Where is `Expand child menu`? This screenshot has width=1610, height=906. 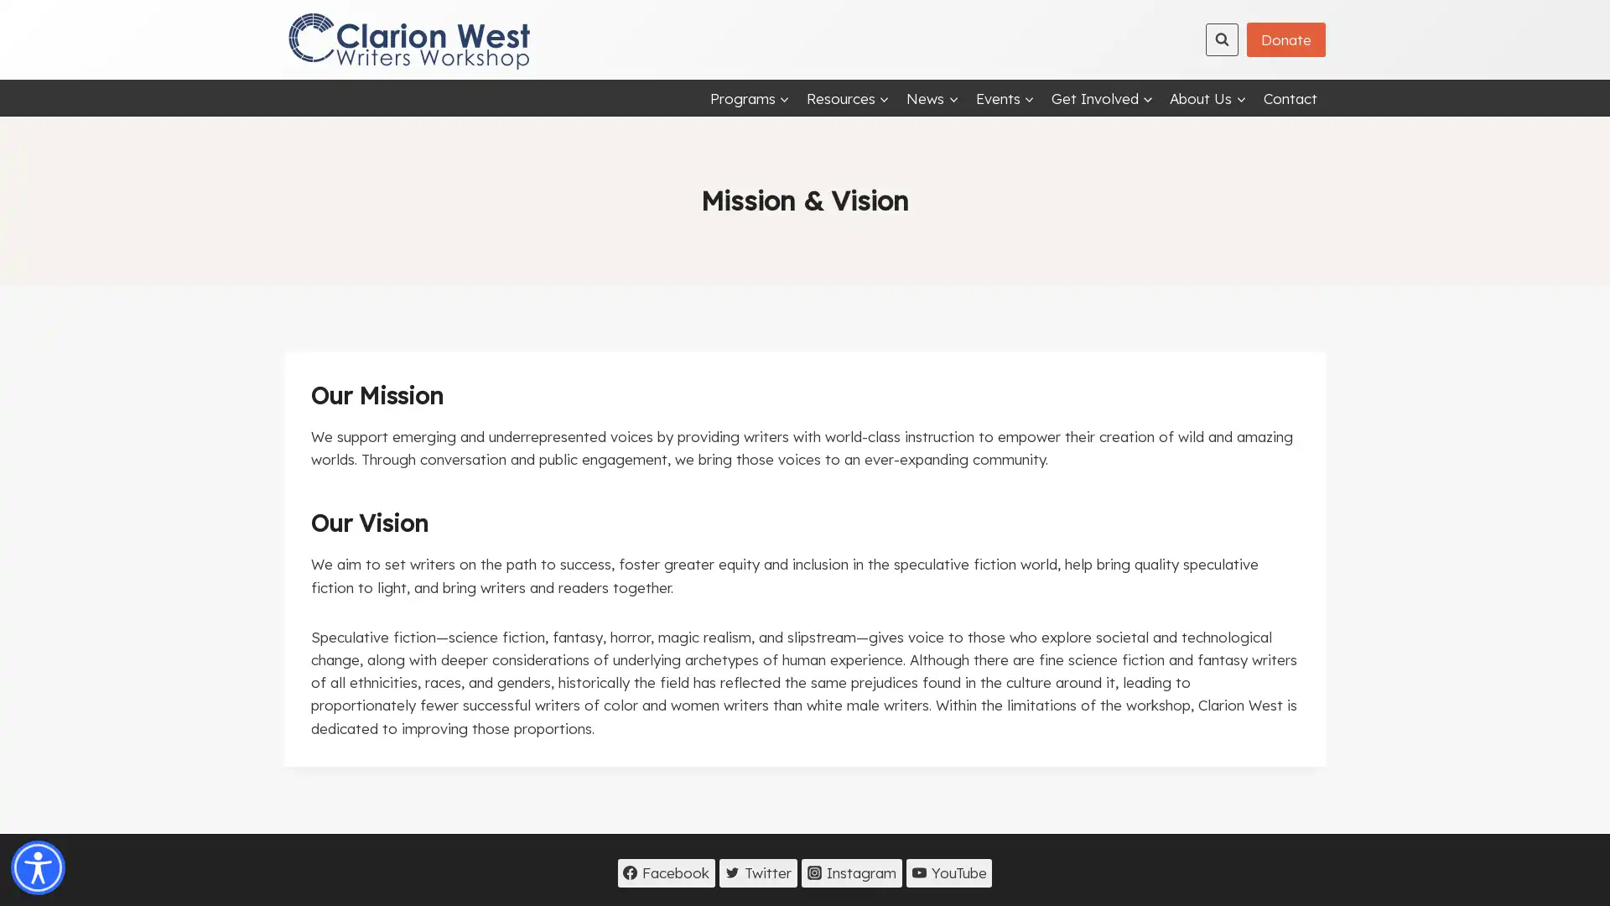
Expand child menu is located at coordinates (848, 97).